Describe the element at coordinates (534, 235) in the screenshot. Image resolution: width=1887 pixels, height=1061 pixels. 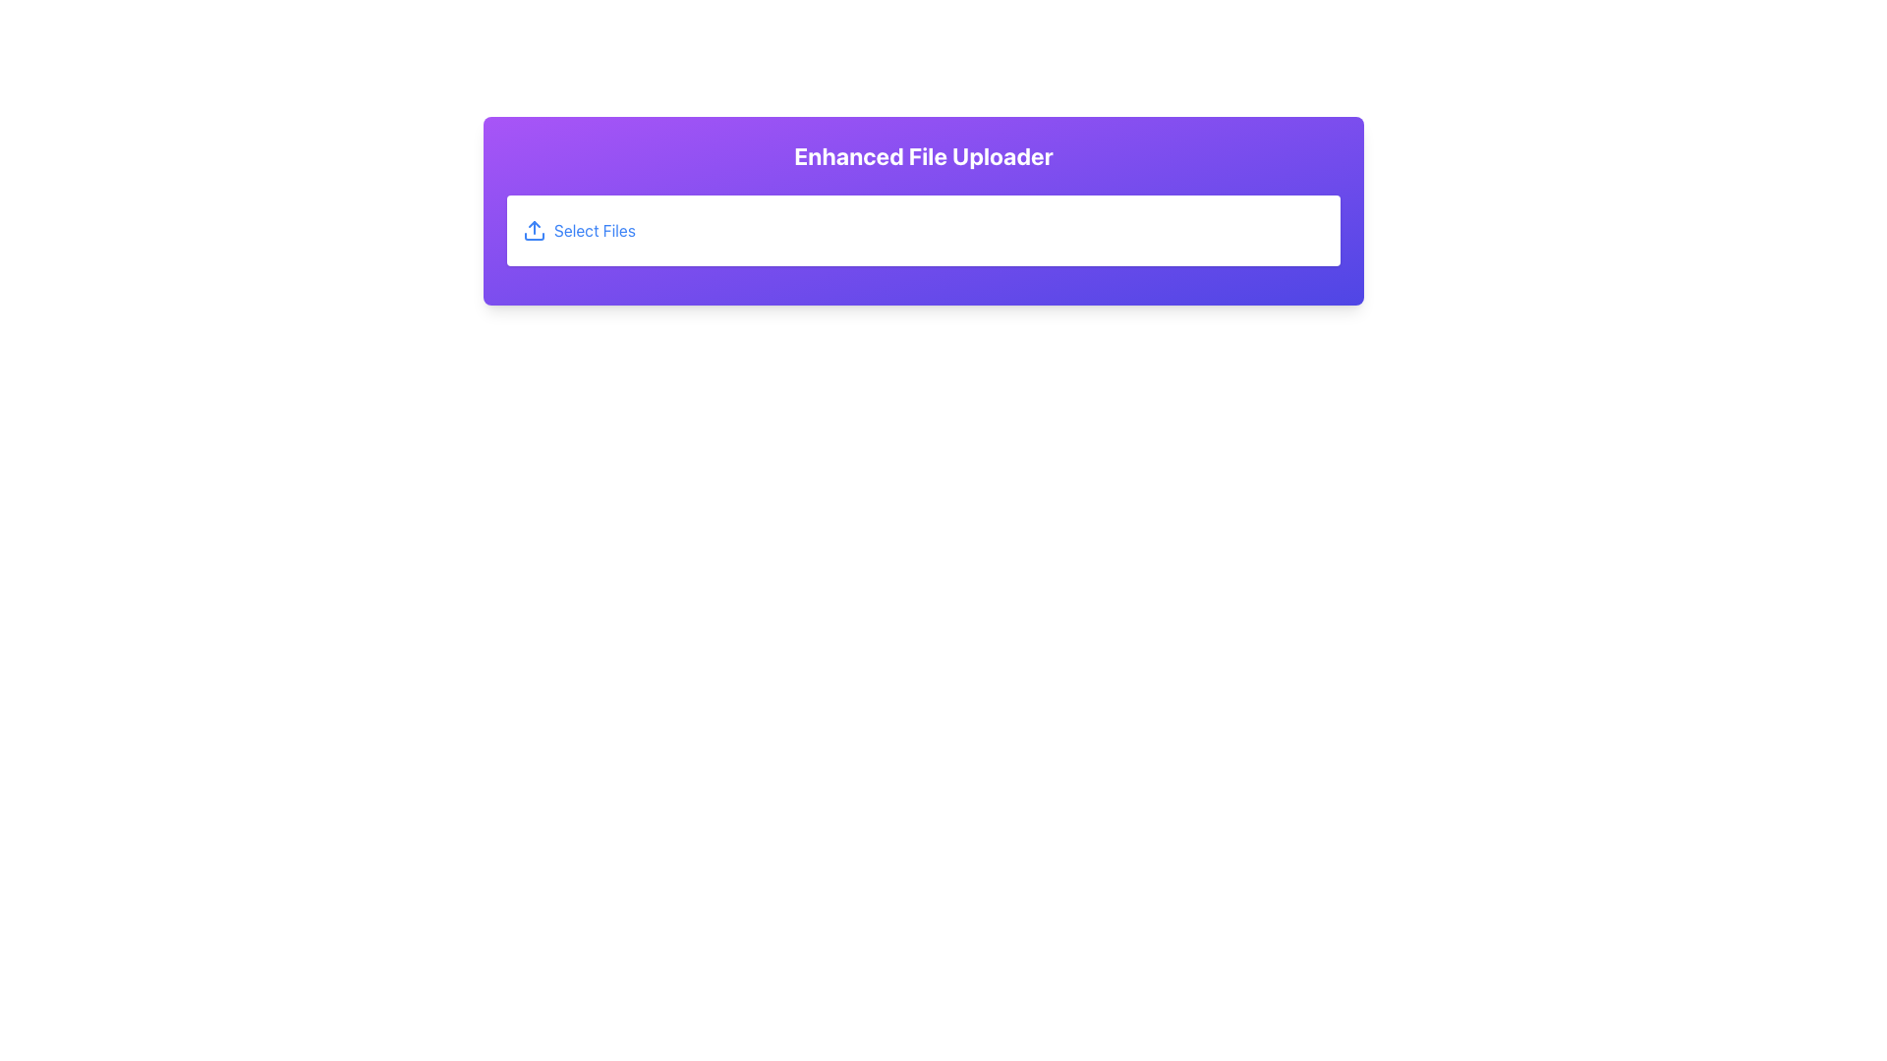
I see `the decorative horizontal line that serves as the bottom boundary of the file upload icon, located to the left of the 'Select Files' text link in the purple header area` at that location.